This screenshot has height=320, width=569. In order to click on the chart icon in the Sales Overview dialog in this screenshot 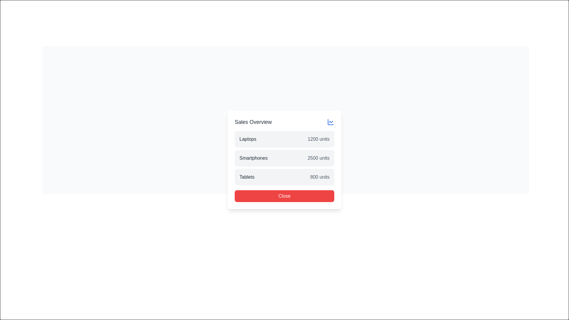, I will do `click(286, 116)`.